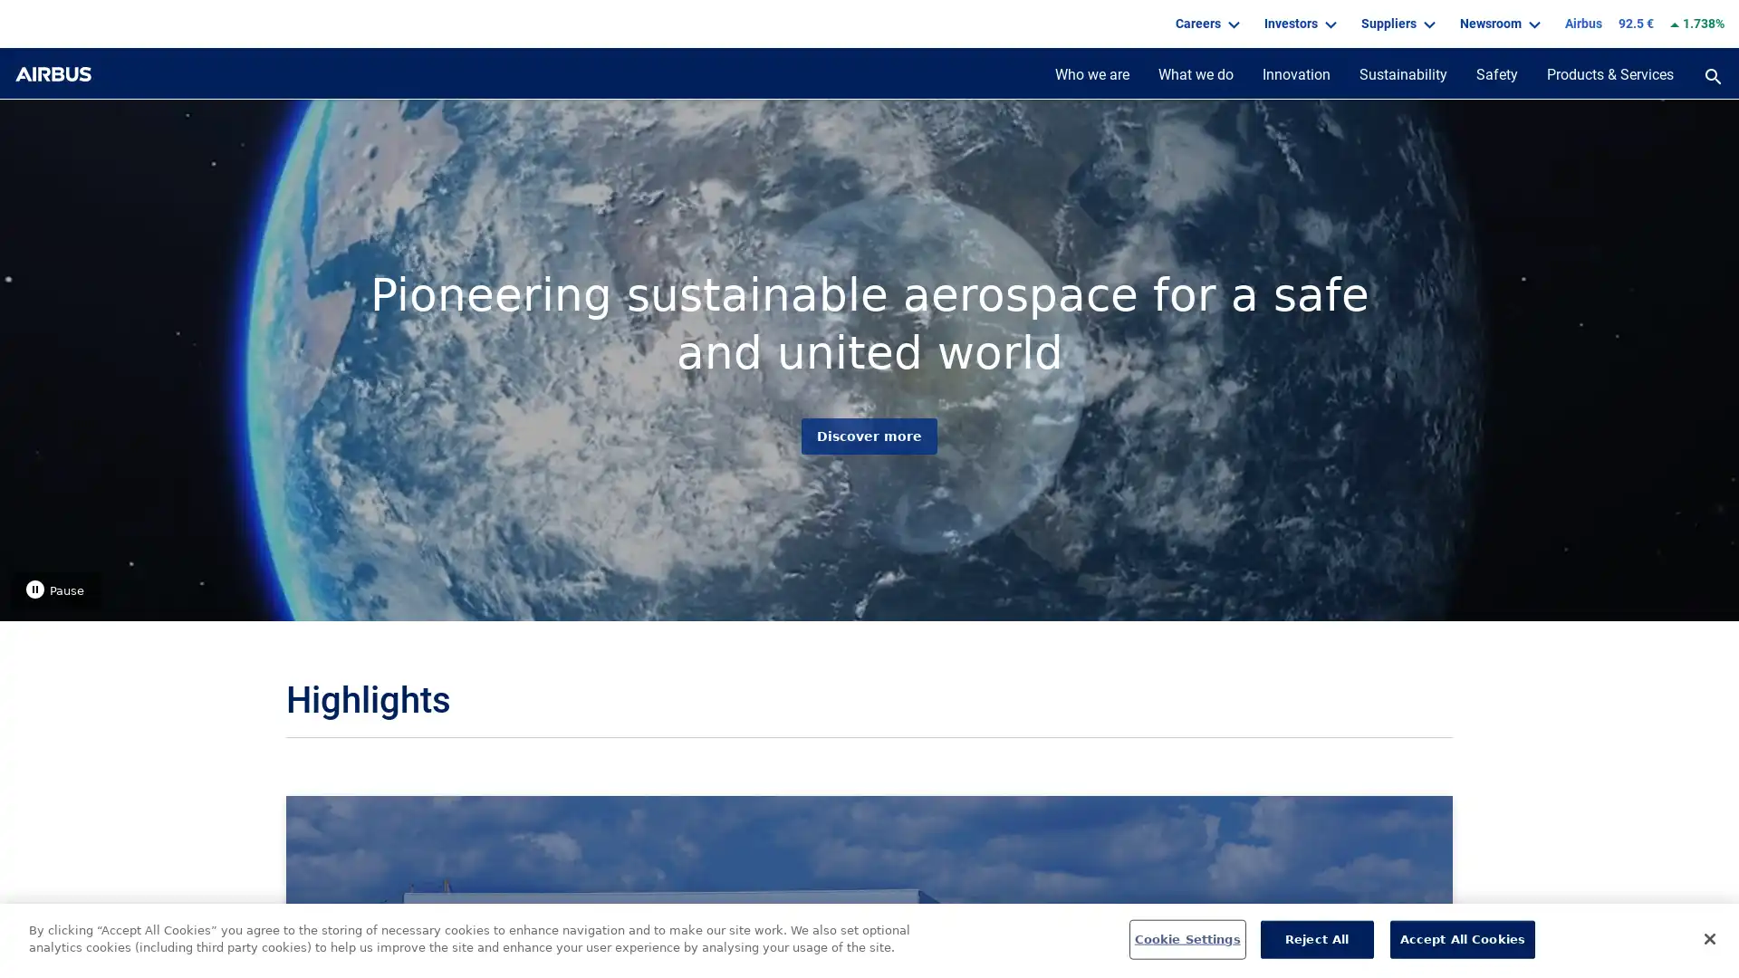 This screenshot has width=1739, height=978. What do you see at coordinates (1712, 78) in the screenshot?
I see `open the search panel` at bounding box center [1712, 78].